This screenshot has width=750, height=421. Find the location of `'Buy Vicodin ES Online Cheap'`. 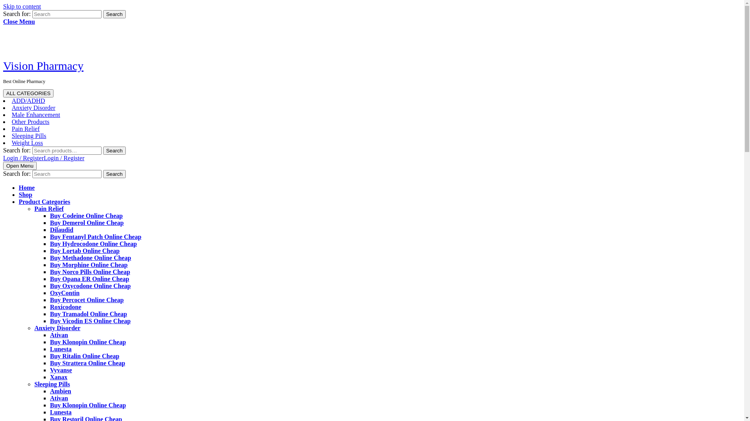

'Buy Vicodin ES Online Cheap' is located at coordinates (90, 321).